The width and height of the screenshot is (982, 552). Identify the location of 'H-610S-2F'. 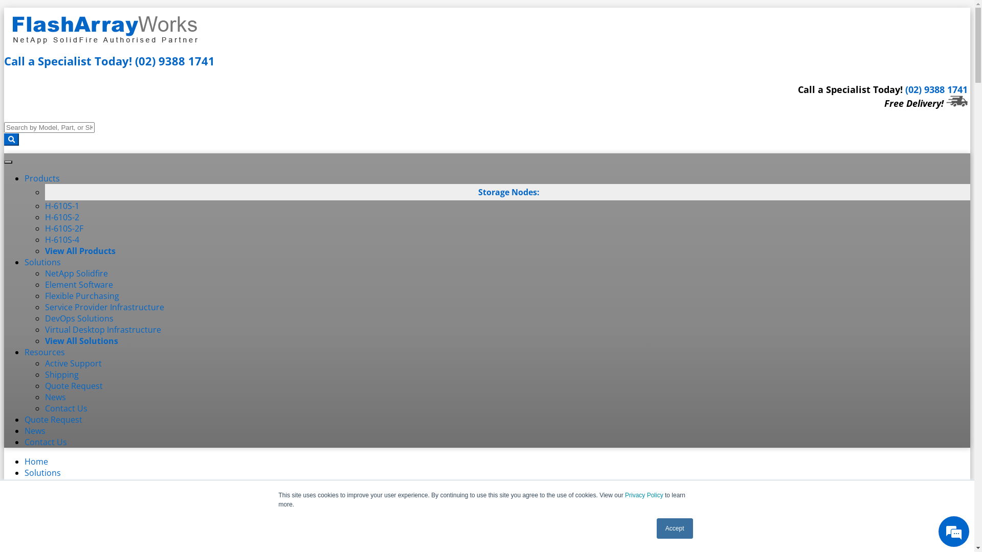
(63, 228).